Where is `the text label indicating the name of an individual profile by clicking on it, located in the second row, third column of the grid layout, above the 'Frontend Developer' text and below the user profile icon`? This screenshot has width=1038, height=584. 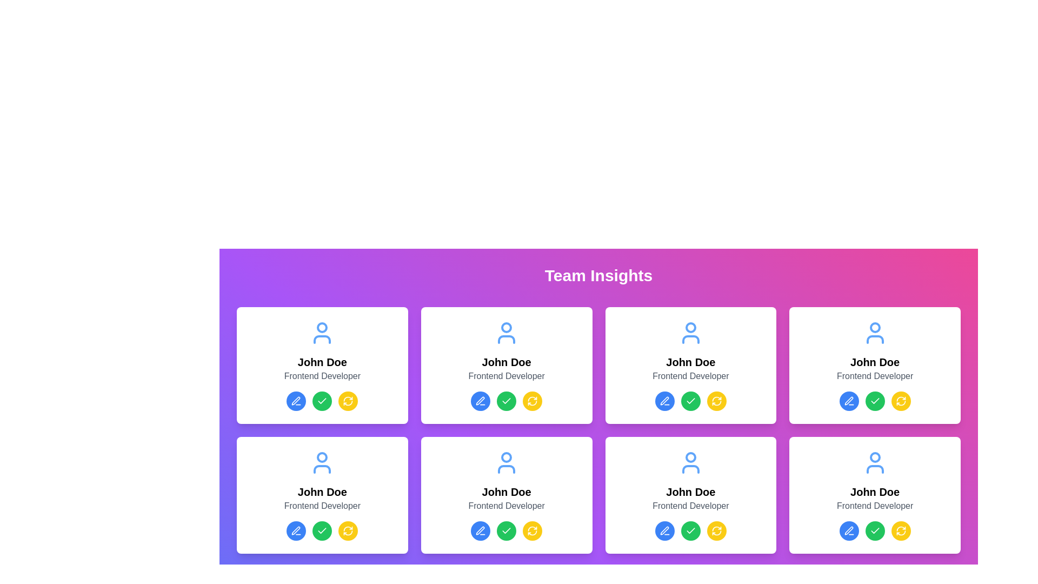 the text label indicating the name of an individual profile by clicking on it, located in the second row, third column of the grid layout, above the 'Frontend Developer' text and below the user profile icon is located at coordinates (506, 492).